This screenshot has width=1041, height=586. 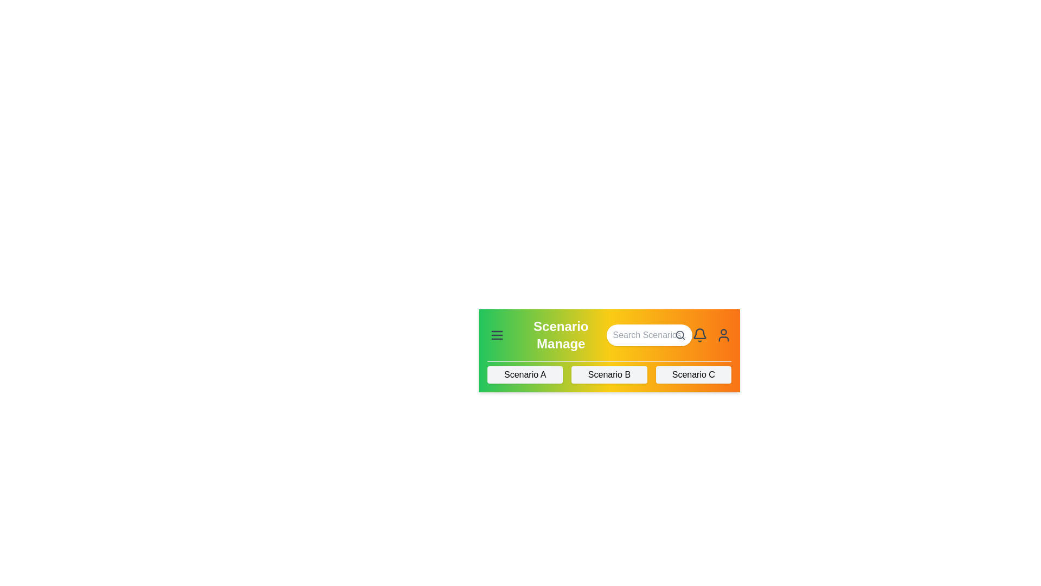 What do you see at coordinates (496, 334) in the screenshot?
I see `the menu button to toggle the menu visibility` at bounding box center [496, 334].